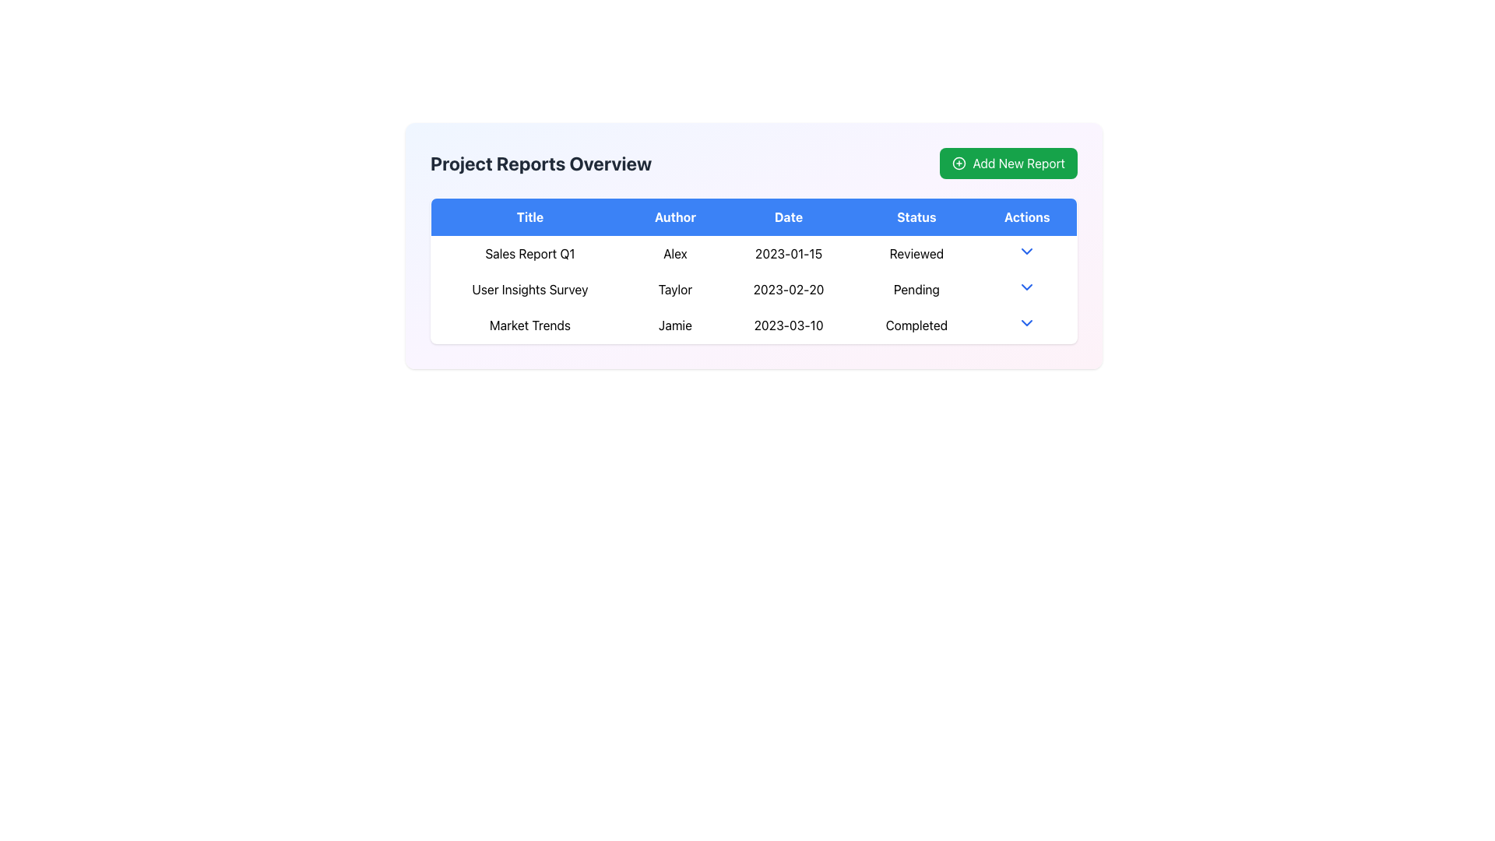  What do you see at coordinates (916, 289) in the screenshot?
I see `the 'Pending' status label in the 'Status' column of the 'User Insights Survey' entry in the table` at bounding box center [916, 289].